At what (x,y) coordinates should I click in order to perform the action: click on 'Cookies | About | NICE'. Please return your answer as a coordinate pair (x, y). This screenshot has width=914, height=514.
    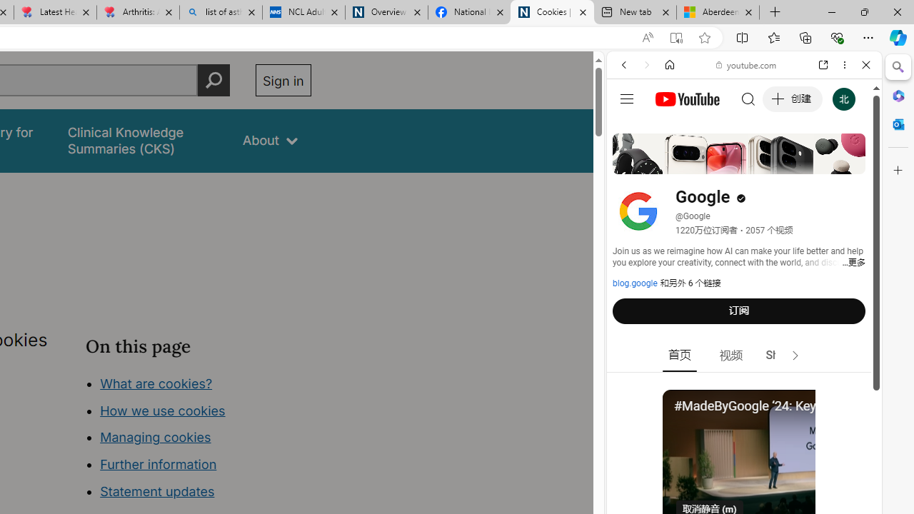
    Looking at the image, I should click on (551, 12).